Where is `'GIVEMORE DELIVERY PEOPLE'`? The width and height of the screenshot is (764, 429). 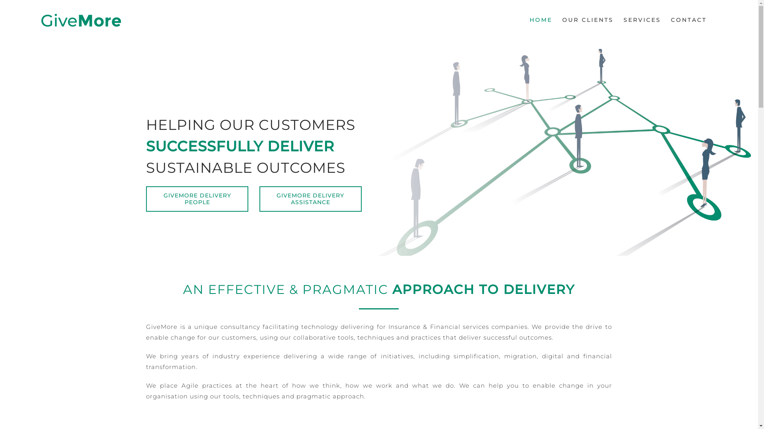 'GIVEMORE DELIVERY PEOPLE' is located at coordinates (197, 198).